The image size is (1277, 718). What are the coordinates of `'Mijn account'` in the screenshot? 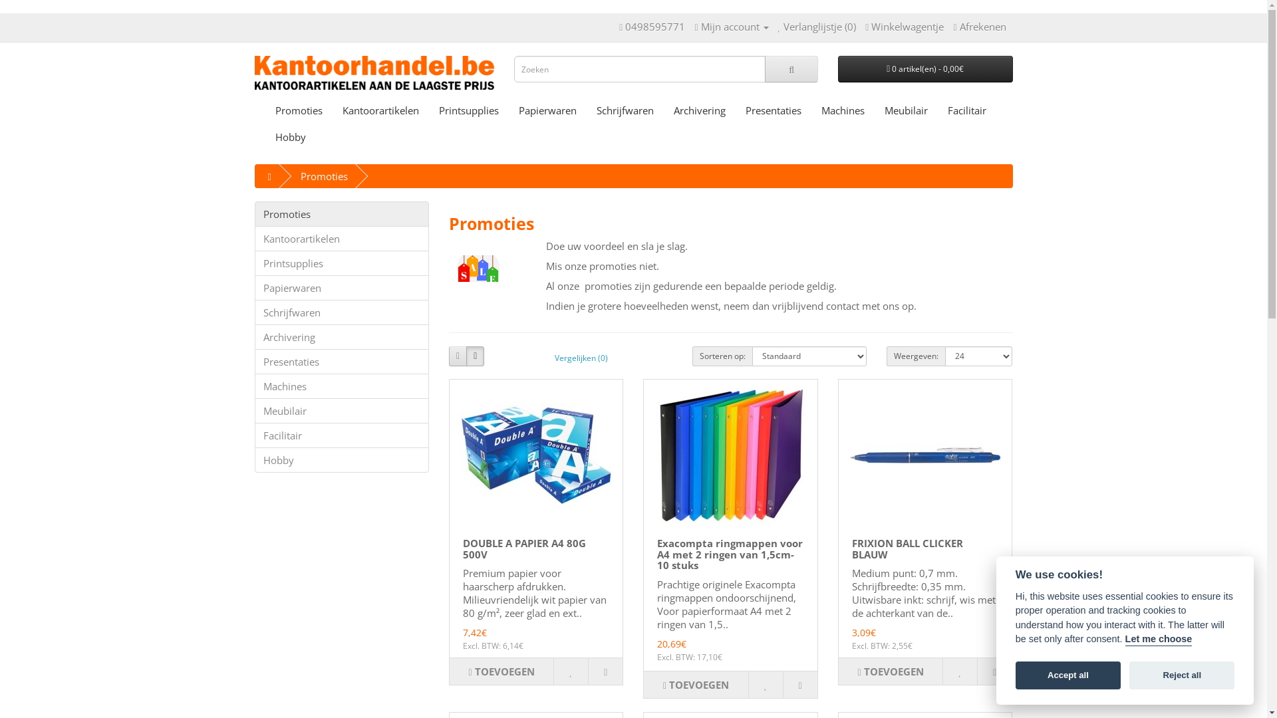 It's located at (693, 26).